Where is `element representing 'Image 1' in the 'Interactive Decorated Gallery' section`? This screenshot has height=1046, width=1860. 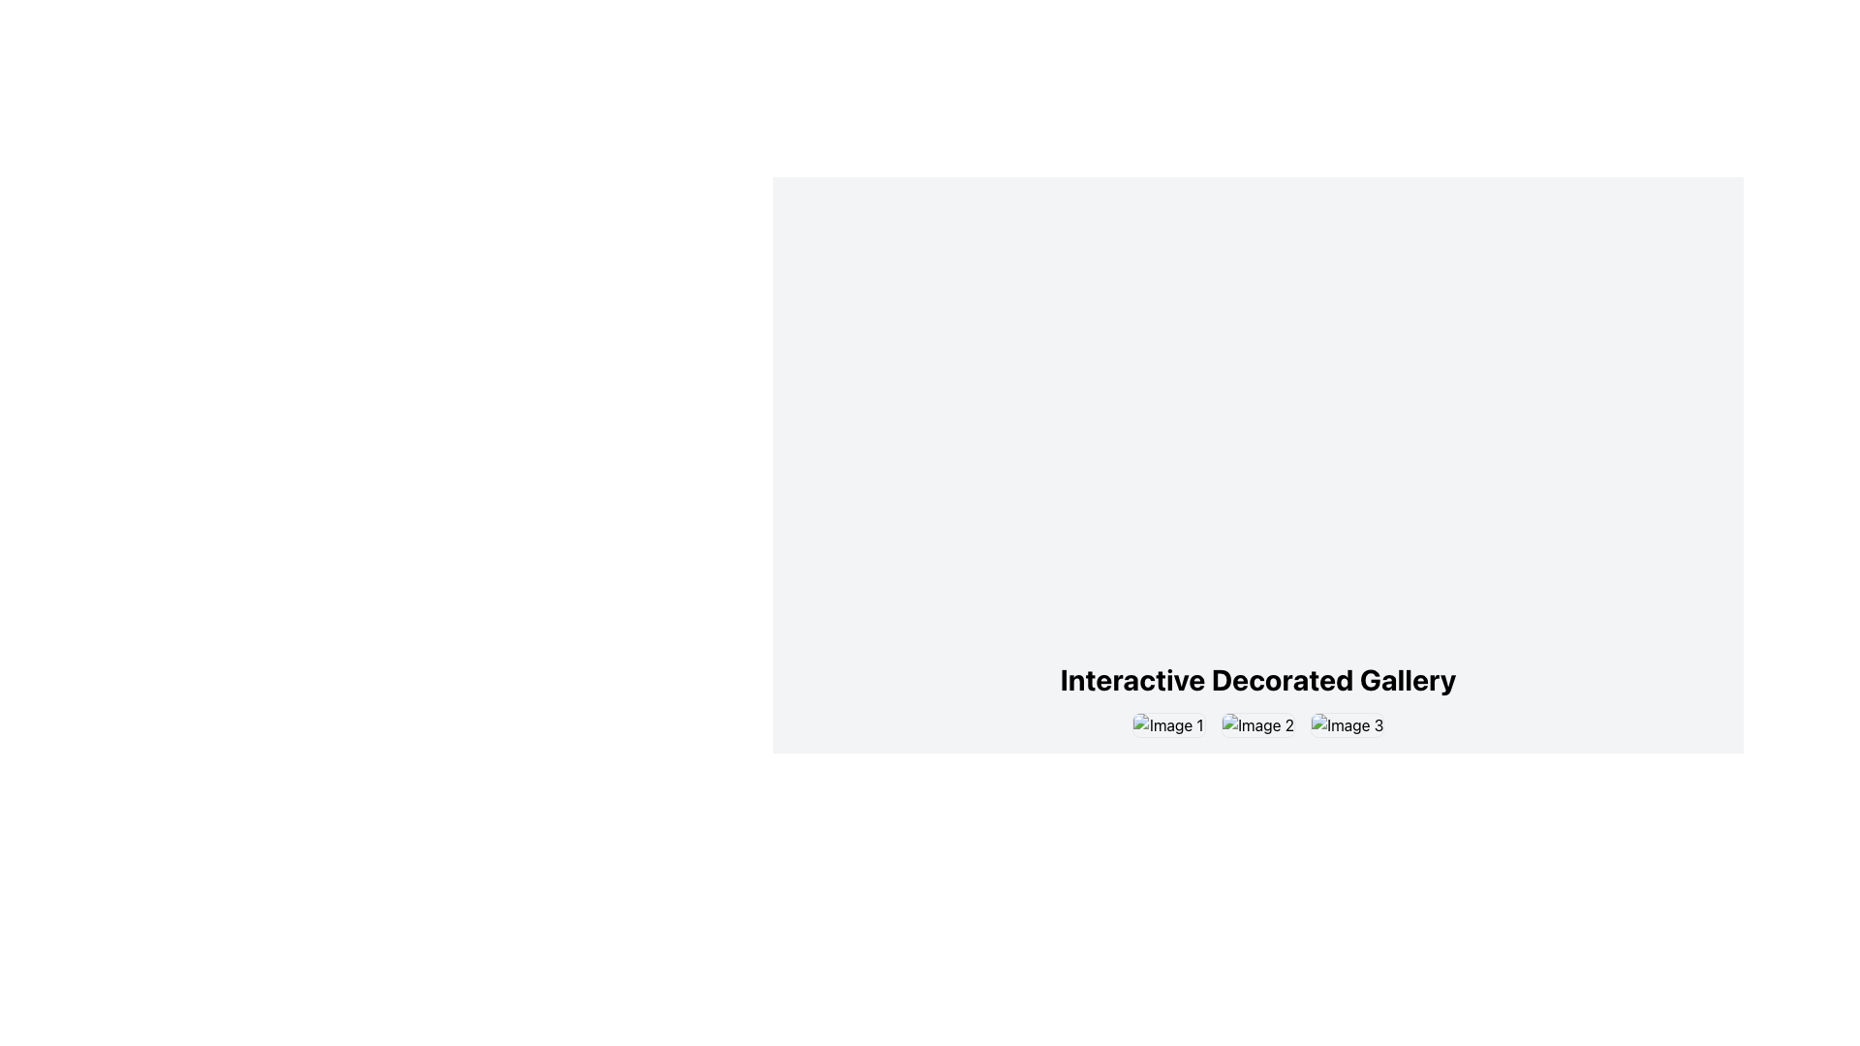
element representing 'Image 1' in the 'Interactive Decorated Gallery' section is located at coordinates (1167, 724).